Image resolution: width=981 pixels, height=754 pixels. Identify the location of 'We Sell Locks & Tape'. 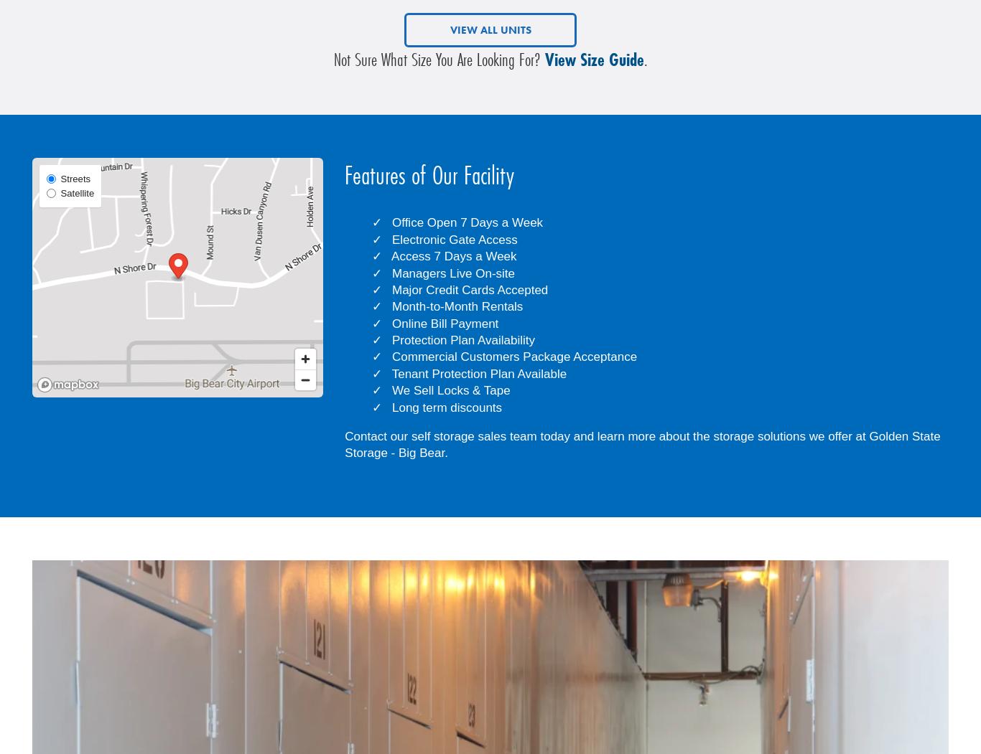
(450, 390).